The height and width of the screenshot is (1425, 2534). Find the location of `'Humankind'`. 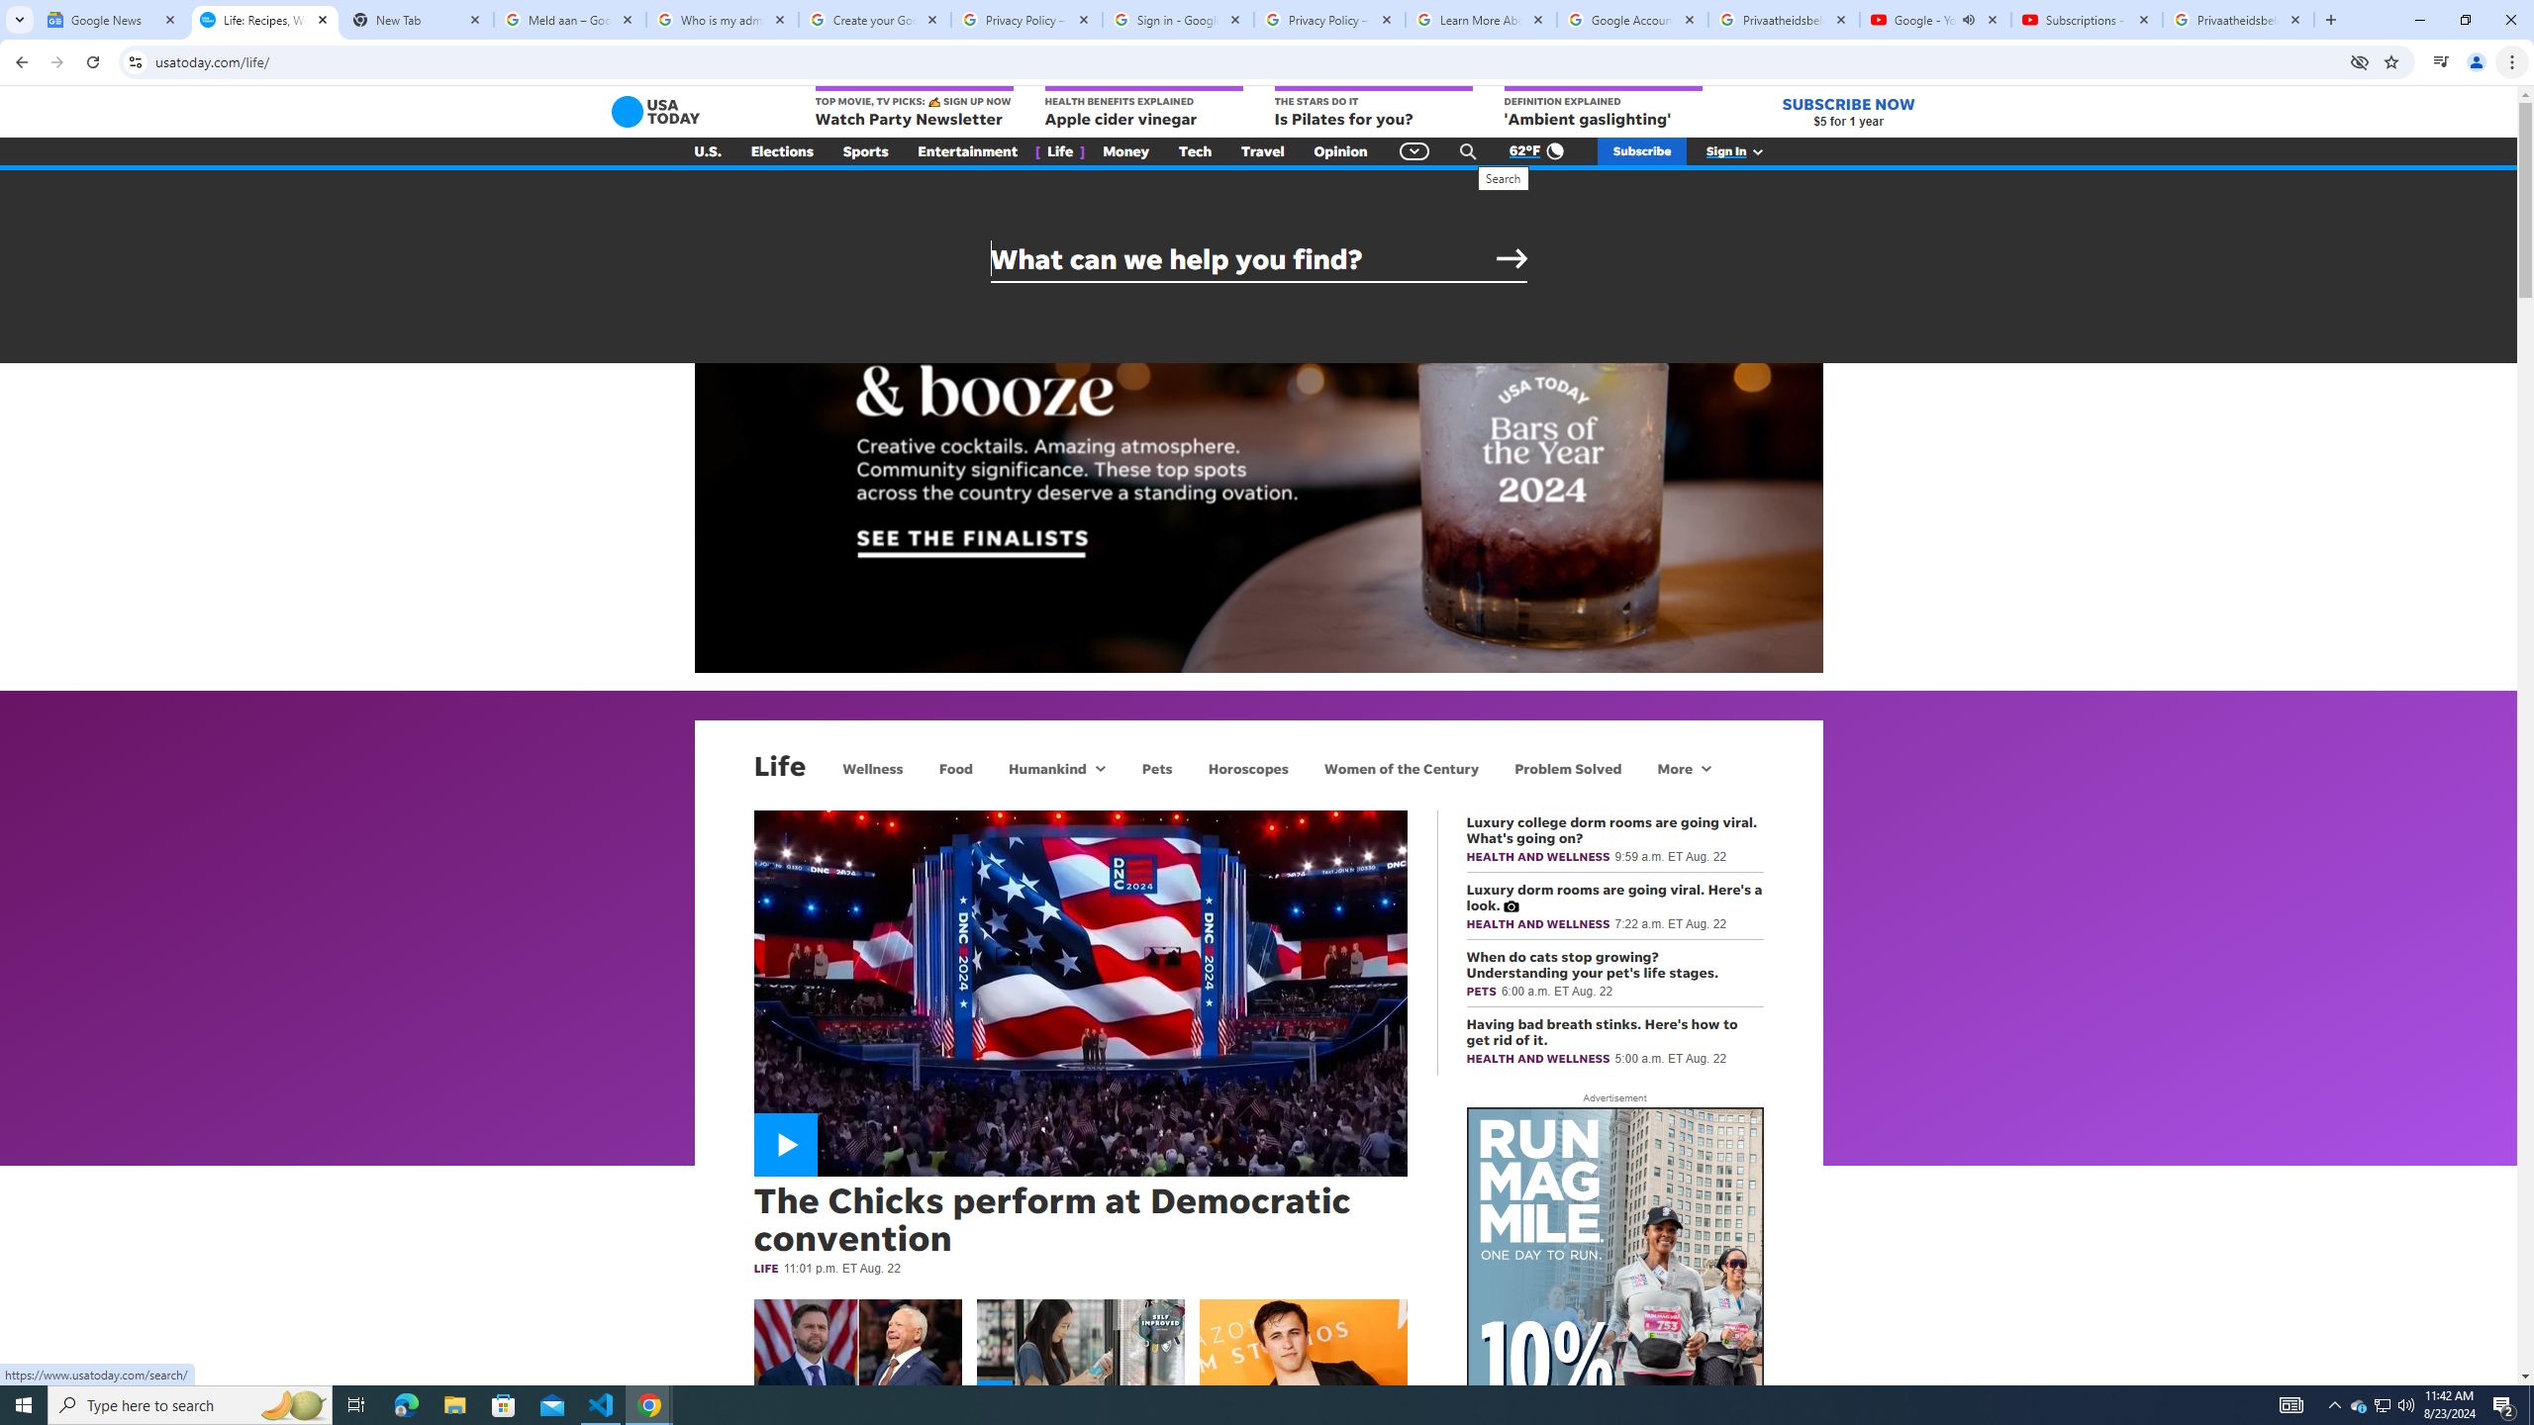

'Humankind' is located at coordinates (1044, 767).